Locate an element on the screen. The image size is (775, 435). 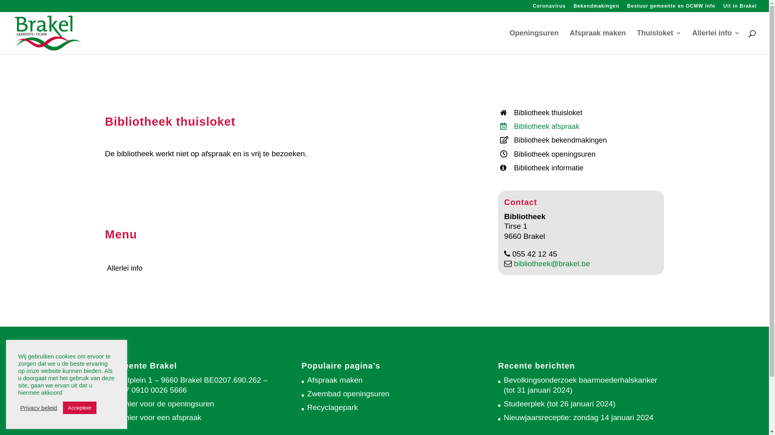
'Uit in Brakel' is located at coordinates (740, 8).